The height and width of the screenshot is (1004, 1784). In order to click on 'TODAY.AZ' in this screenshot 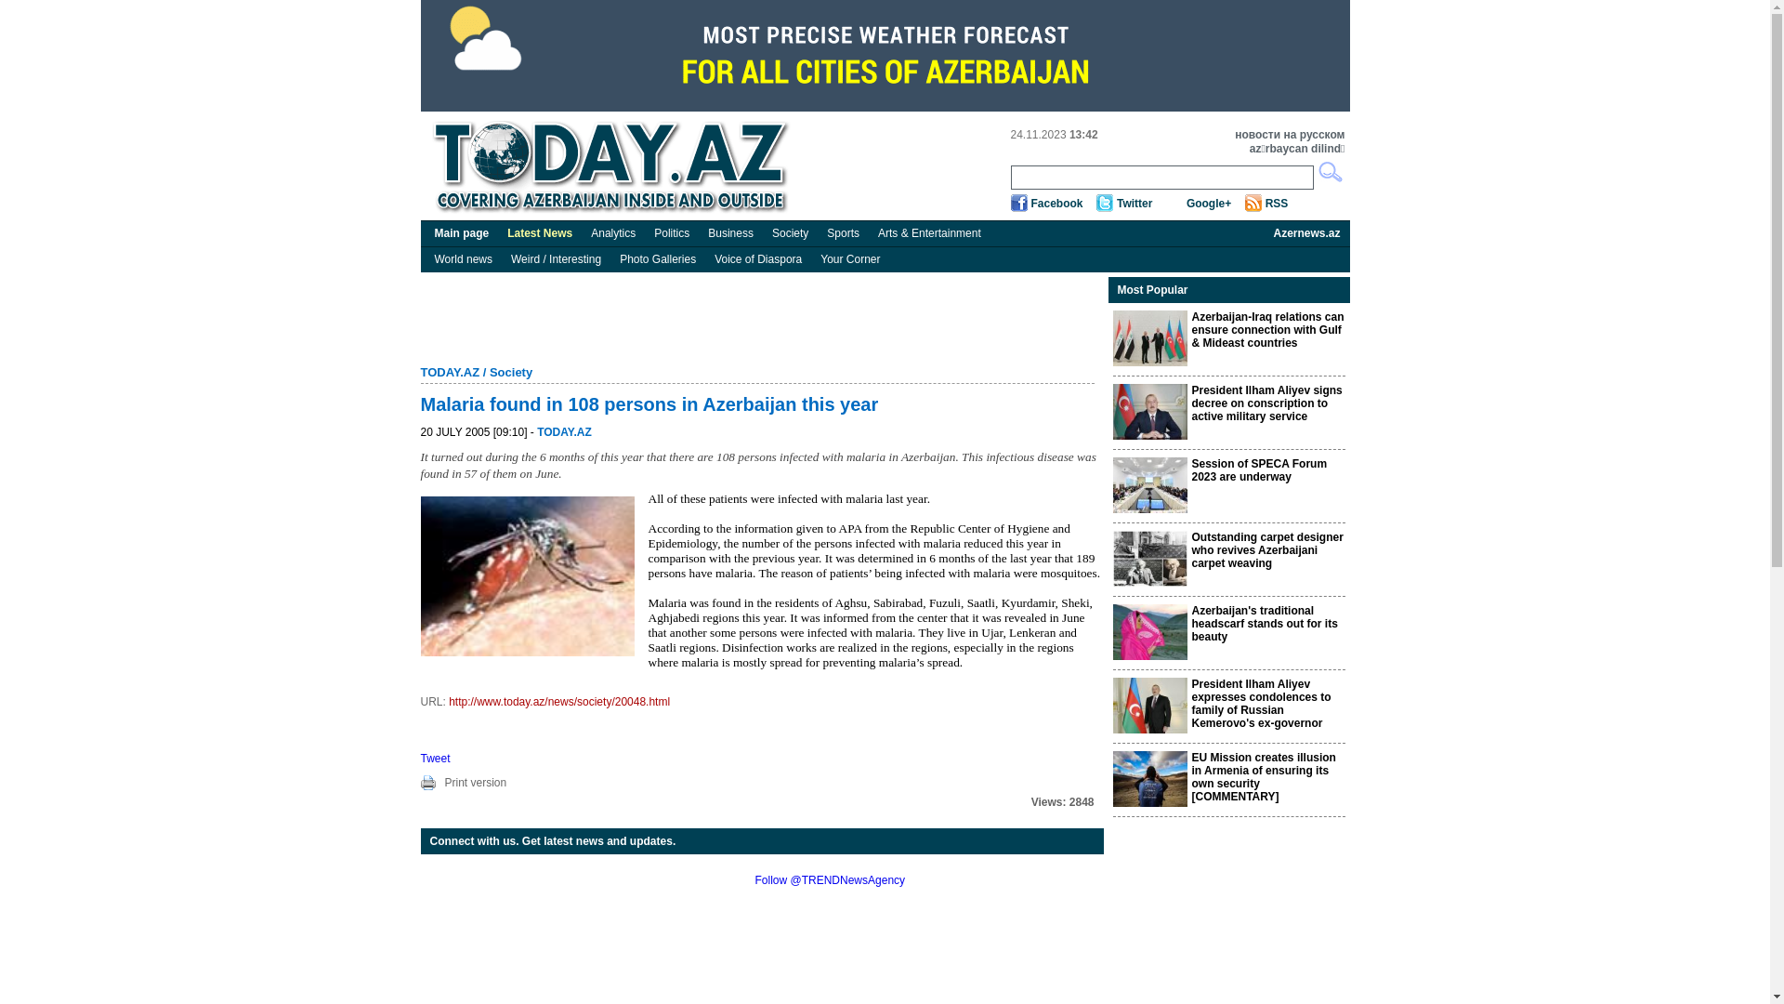, I will do `click(563, 432)`.